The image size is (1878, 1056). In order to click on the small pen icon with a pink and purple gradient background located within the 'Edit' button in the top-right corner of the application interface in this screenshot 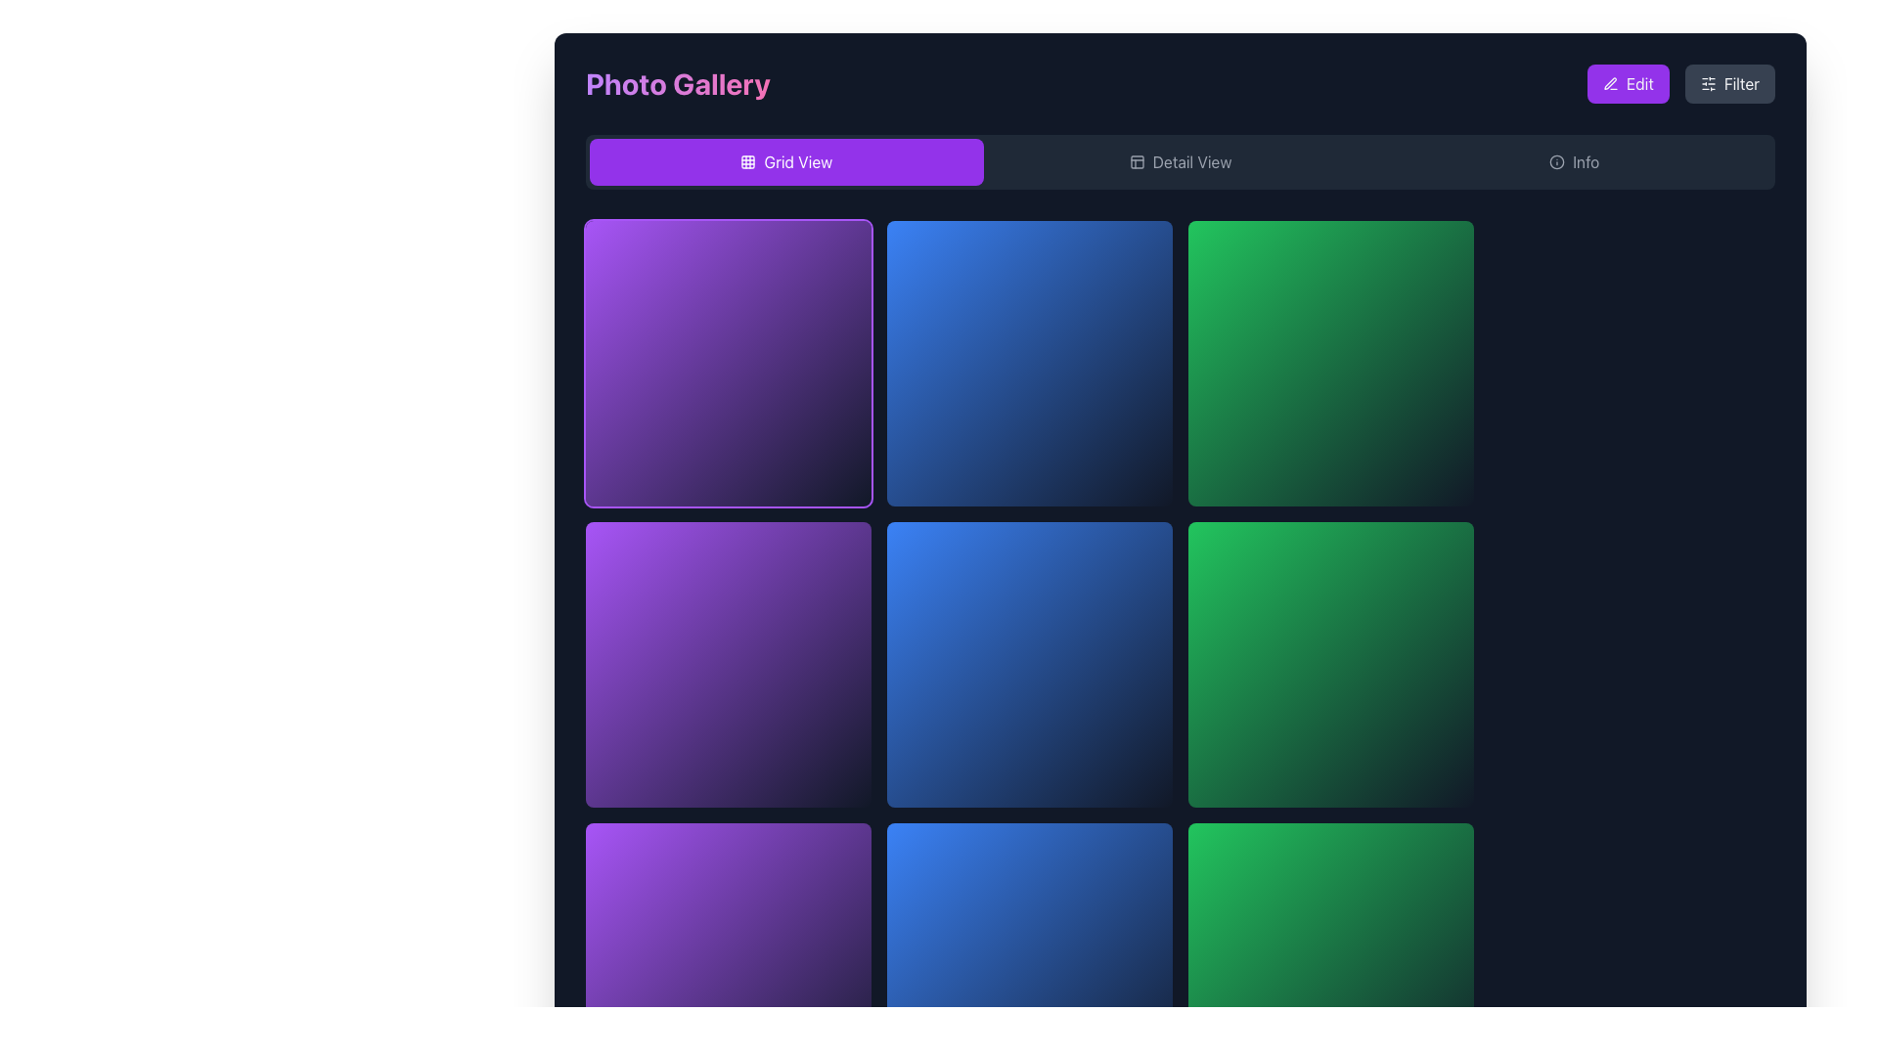, I will do `click(1610, 82)`.